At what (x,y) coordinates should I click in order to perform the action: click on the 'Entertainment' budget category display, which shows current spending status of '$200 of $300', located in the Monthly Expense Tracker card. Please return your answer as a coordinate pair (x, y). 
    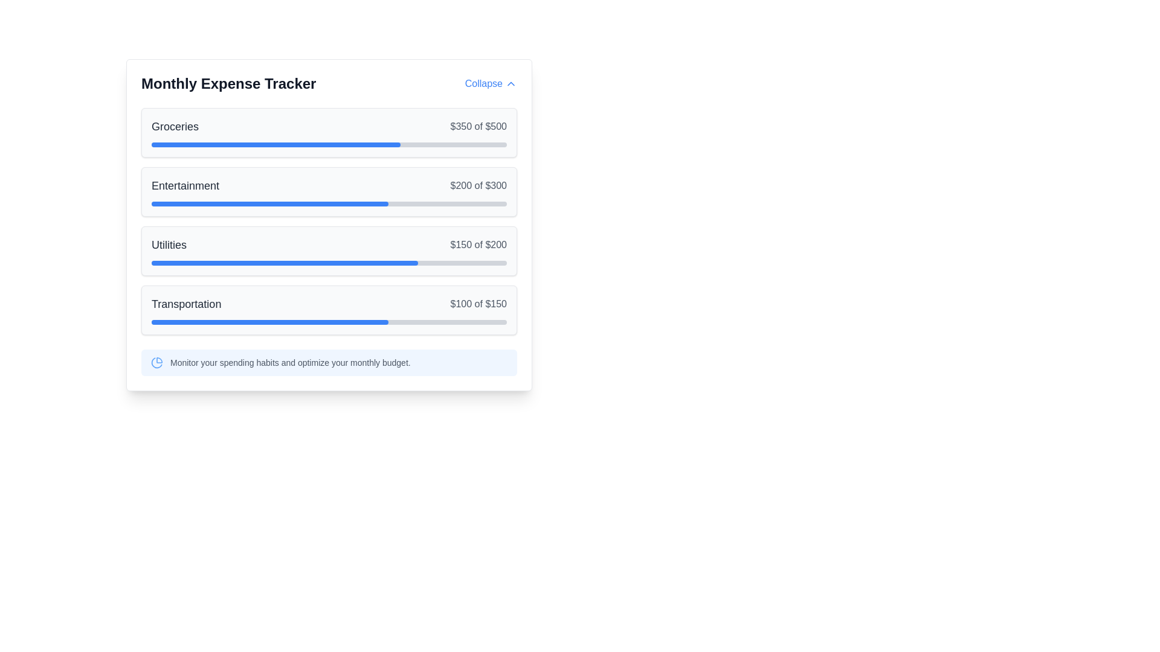
    Looking at the image, I should click on (329, 186).